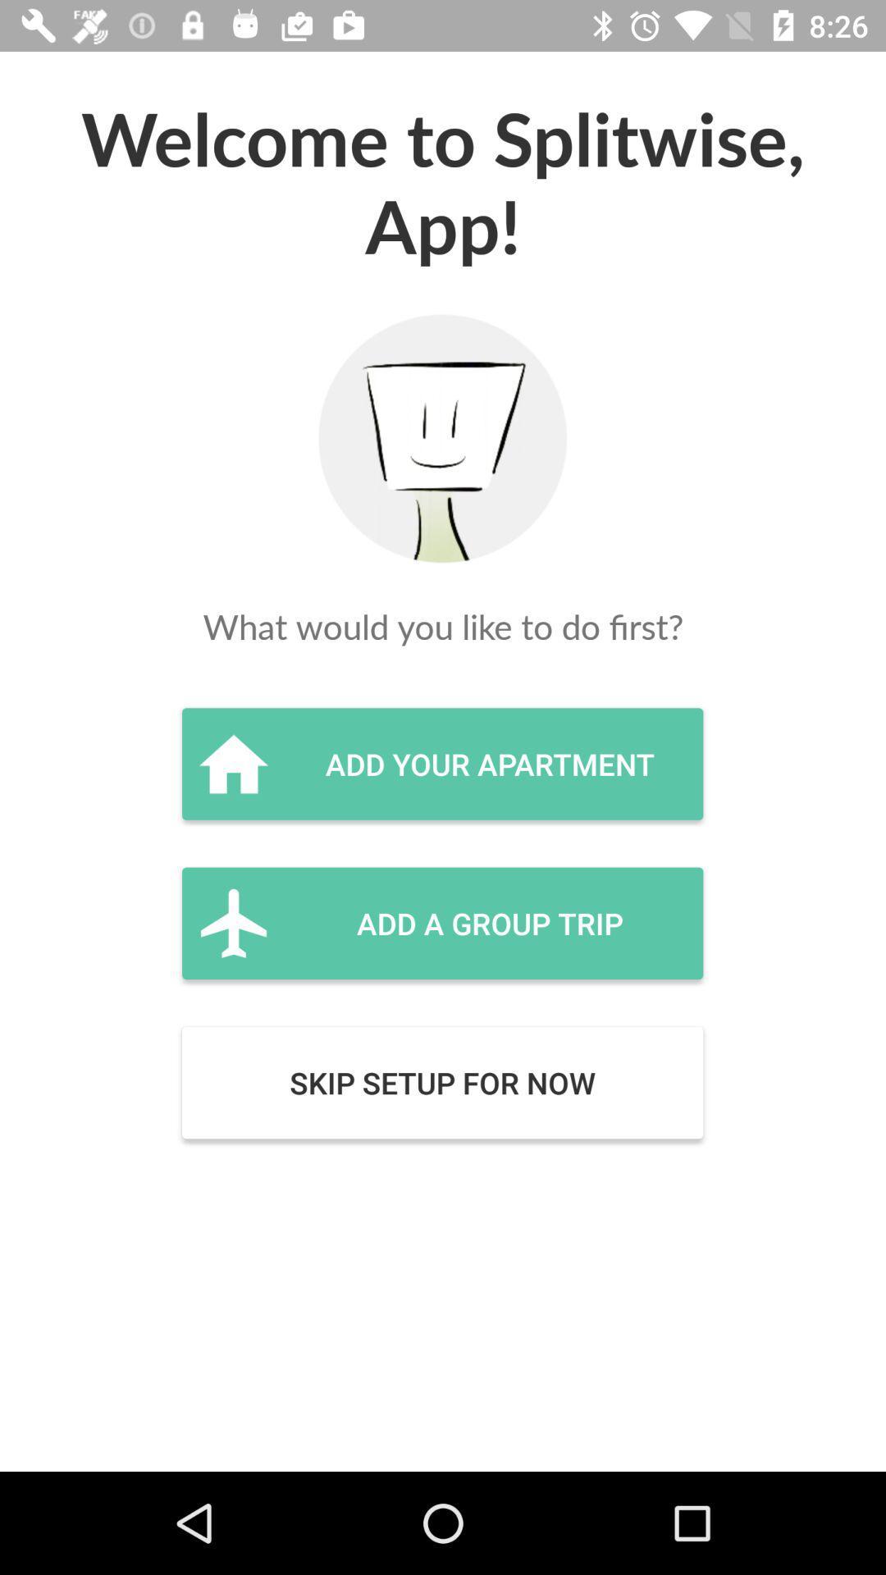 This screenshot has width=886, height=1575. I want to click on icon below the what would you, so click(441, 763).